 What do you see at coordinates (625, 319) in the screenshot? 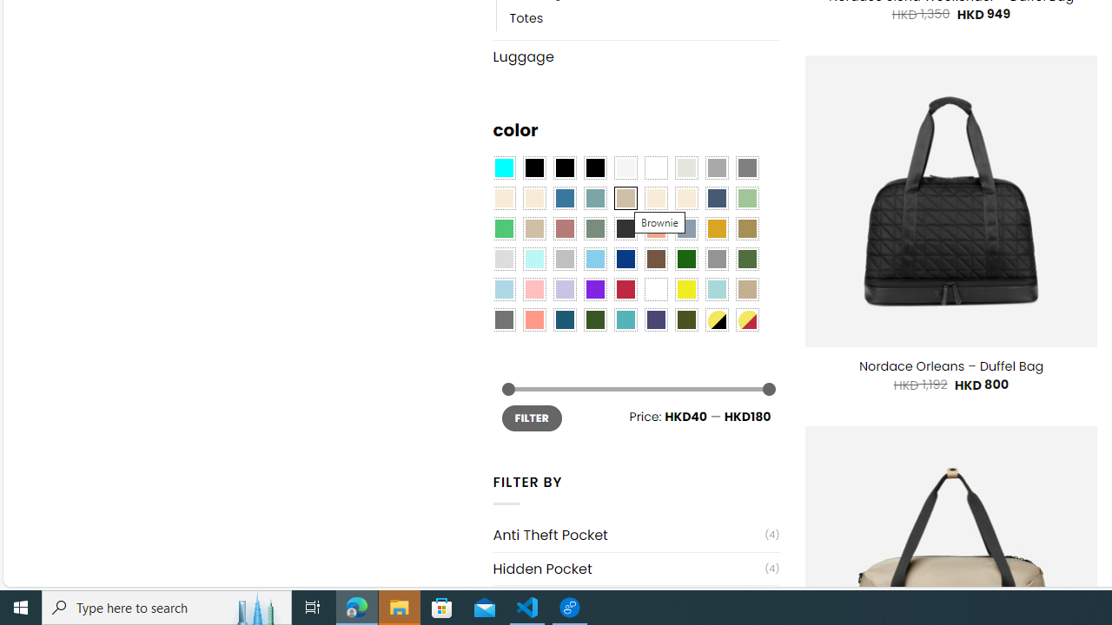
I see `'Teal'` at bounding box center [625, 319].